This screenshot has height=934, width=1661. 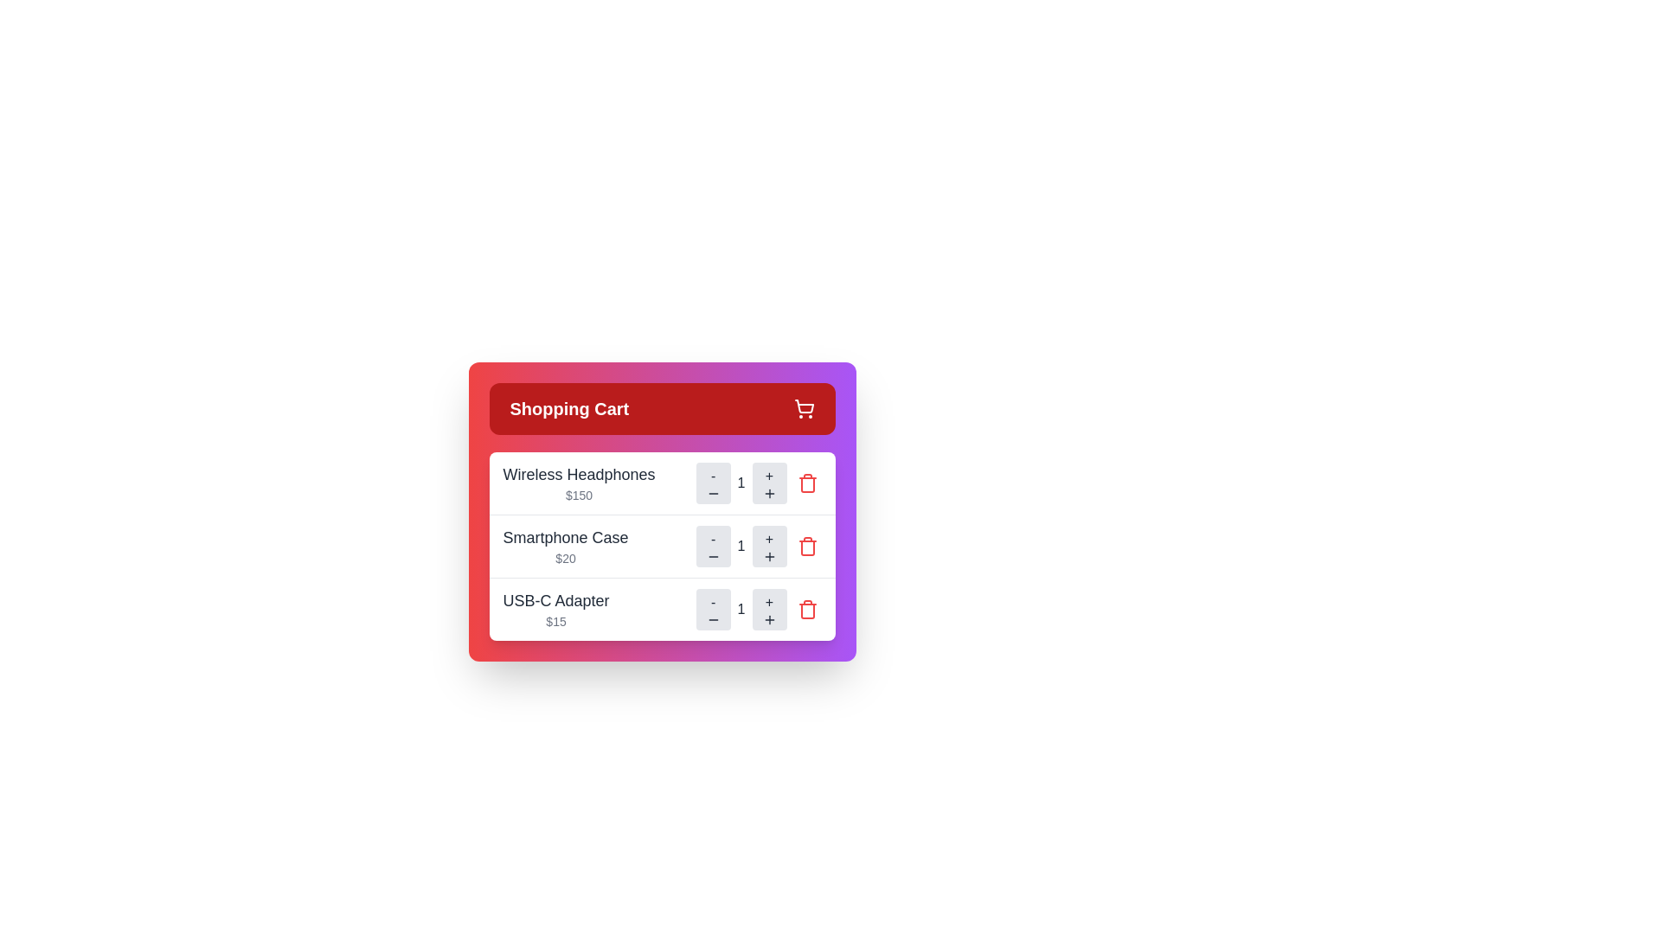 I want to click on the trash icon next to the item 'Wireless Headphones' to remove it from the cart, so click(x=806, y=483).